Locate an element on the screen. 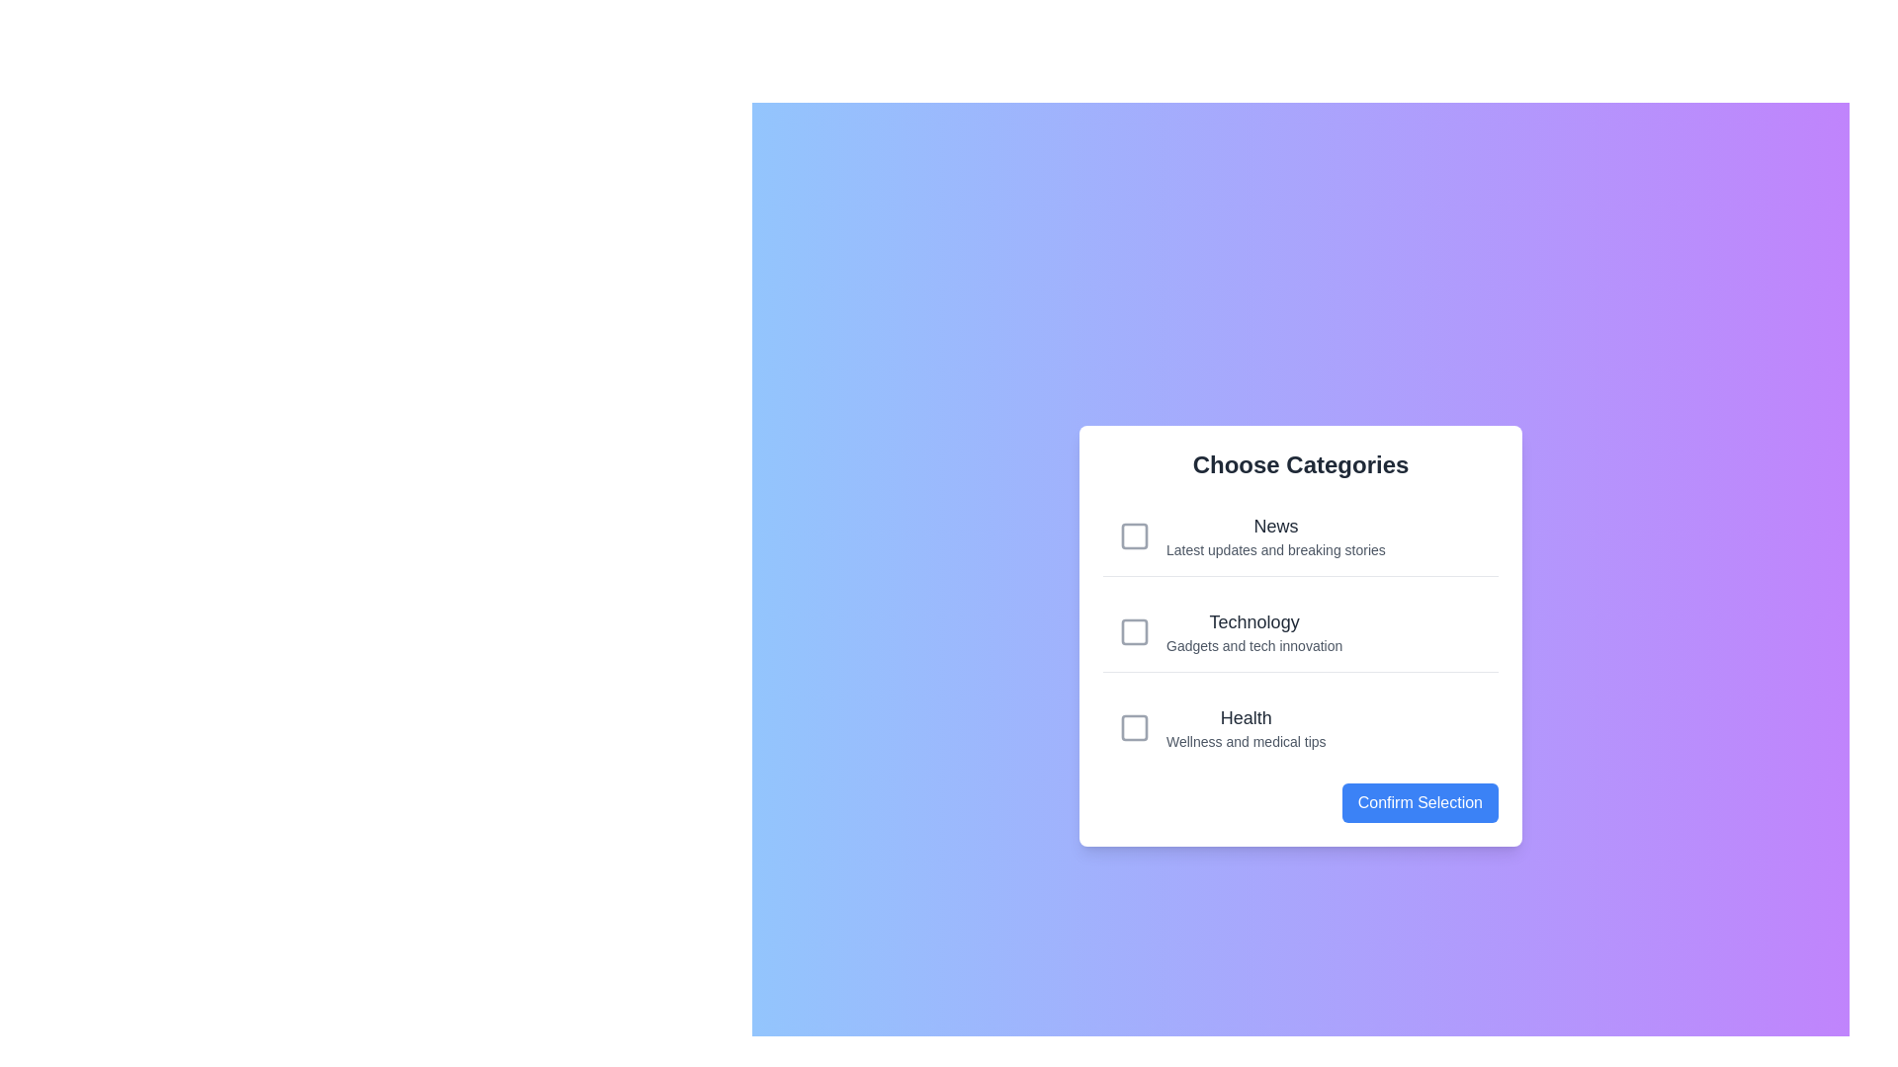 This screenshot has width=1898, height=1067. the category News to observe visual feedback is located at coordinates (1300, 536).